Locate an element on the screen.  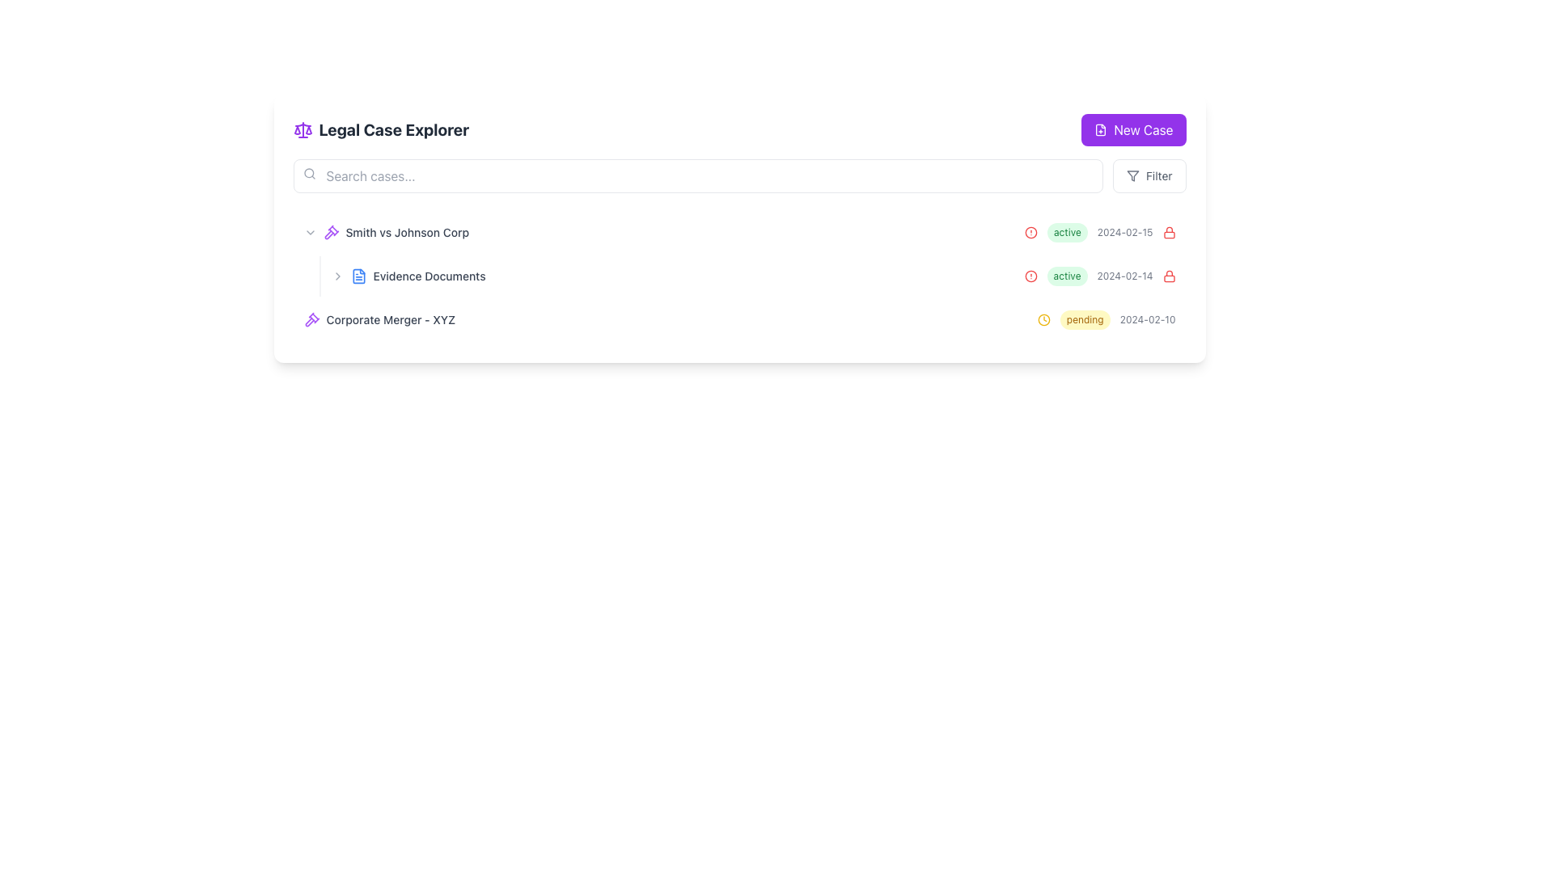
the small text label displaying '2024-02-15' located to the right of the green label 'active' for accessibility is located at coordinates (1124, 233).